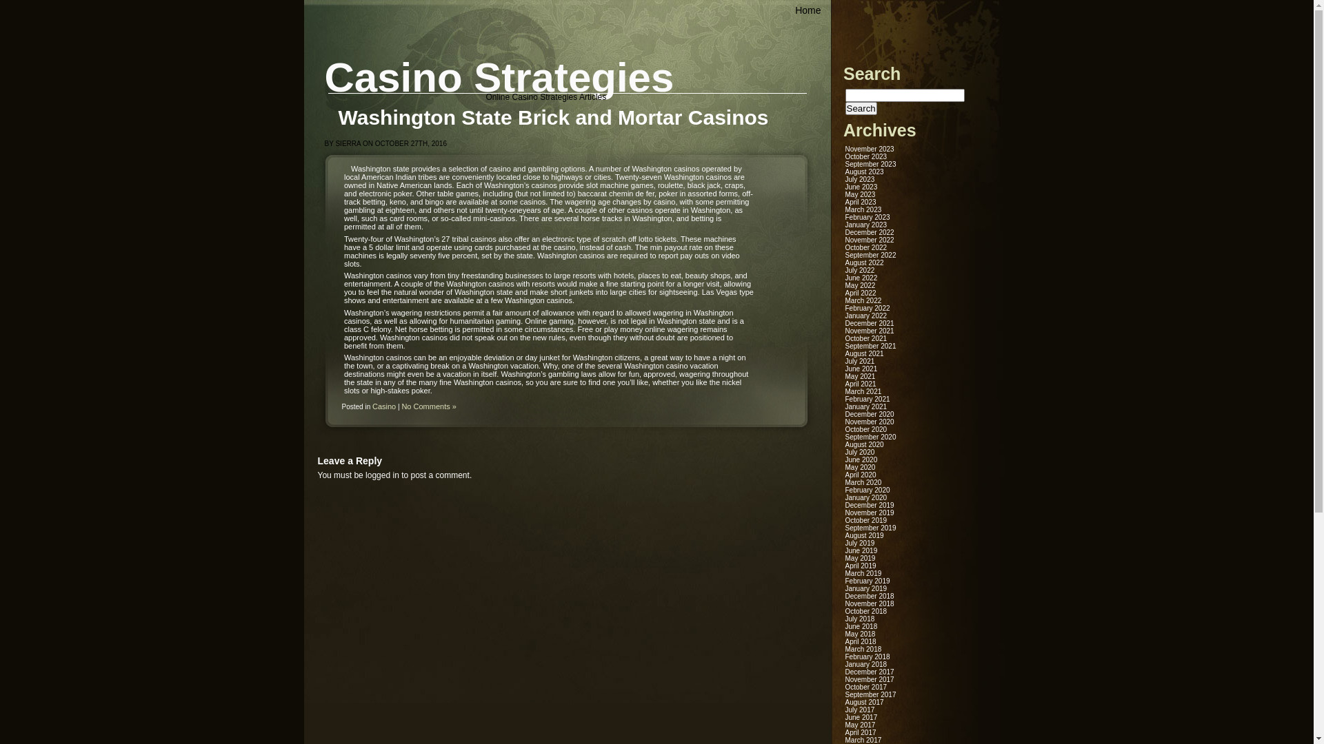  What do you see at coordinates (863, 171) in the screenshot?
I see `'August 2023'` at bounding box center [863, 171].